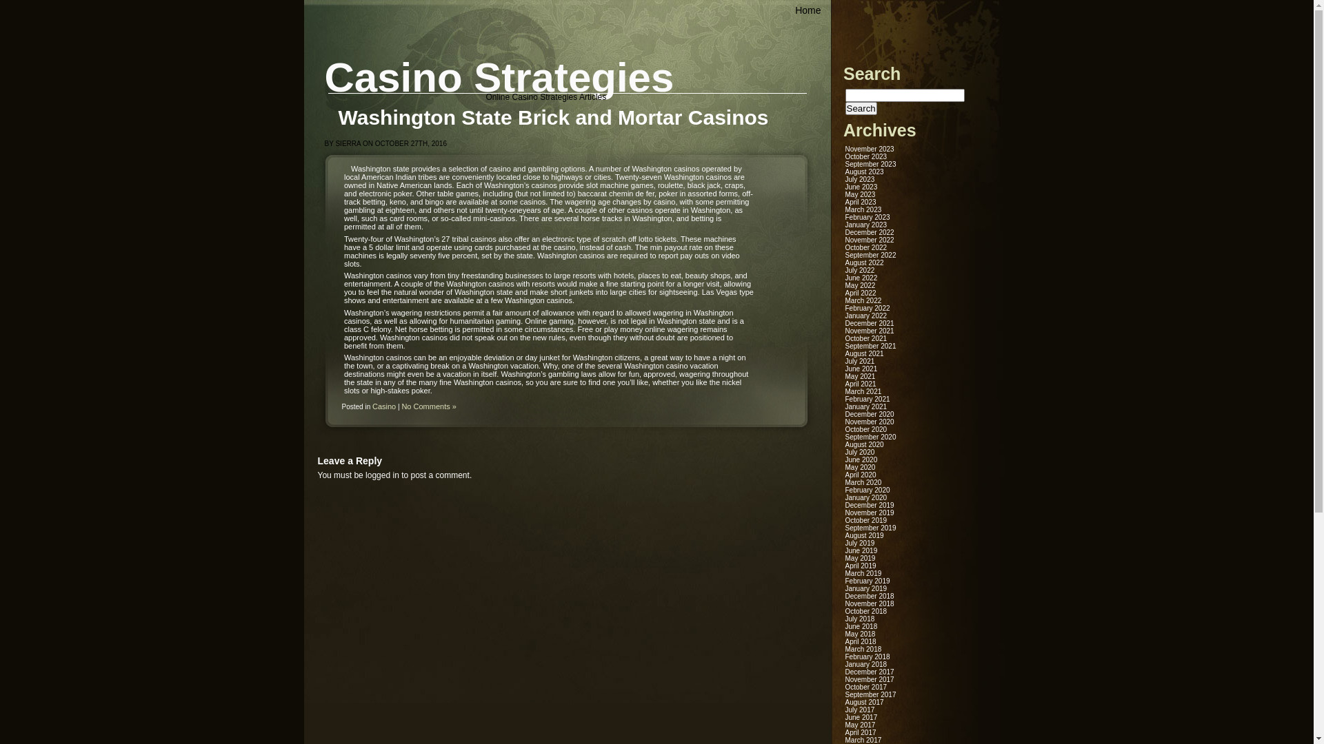  What do you see at coordinates (863, 171) in the screenshot?
I see `'August 2023'` at bounding box center [863, 171].